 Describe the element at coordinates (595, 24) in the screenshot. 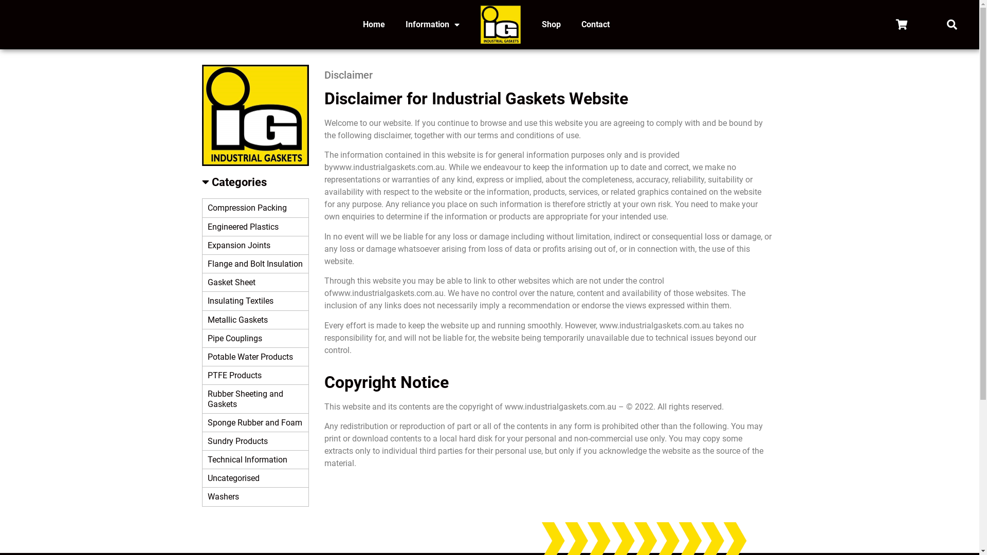

I see `'Contact'` at that location.